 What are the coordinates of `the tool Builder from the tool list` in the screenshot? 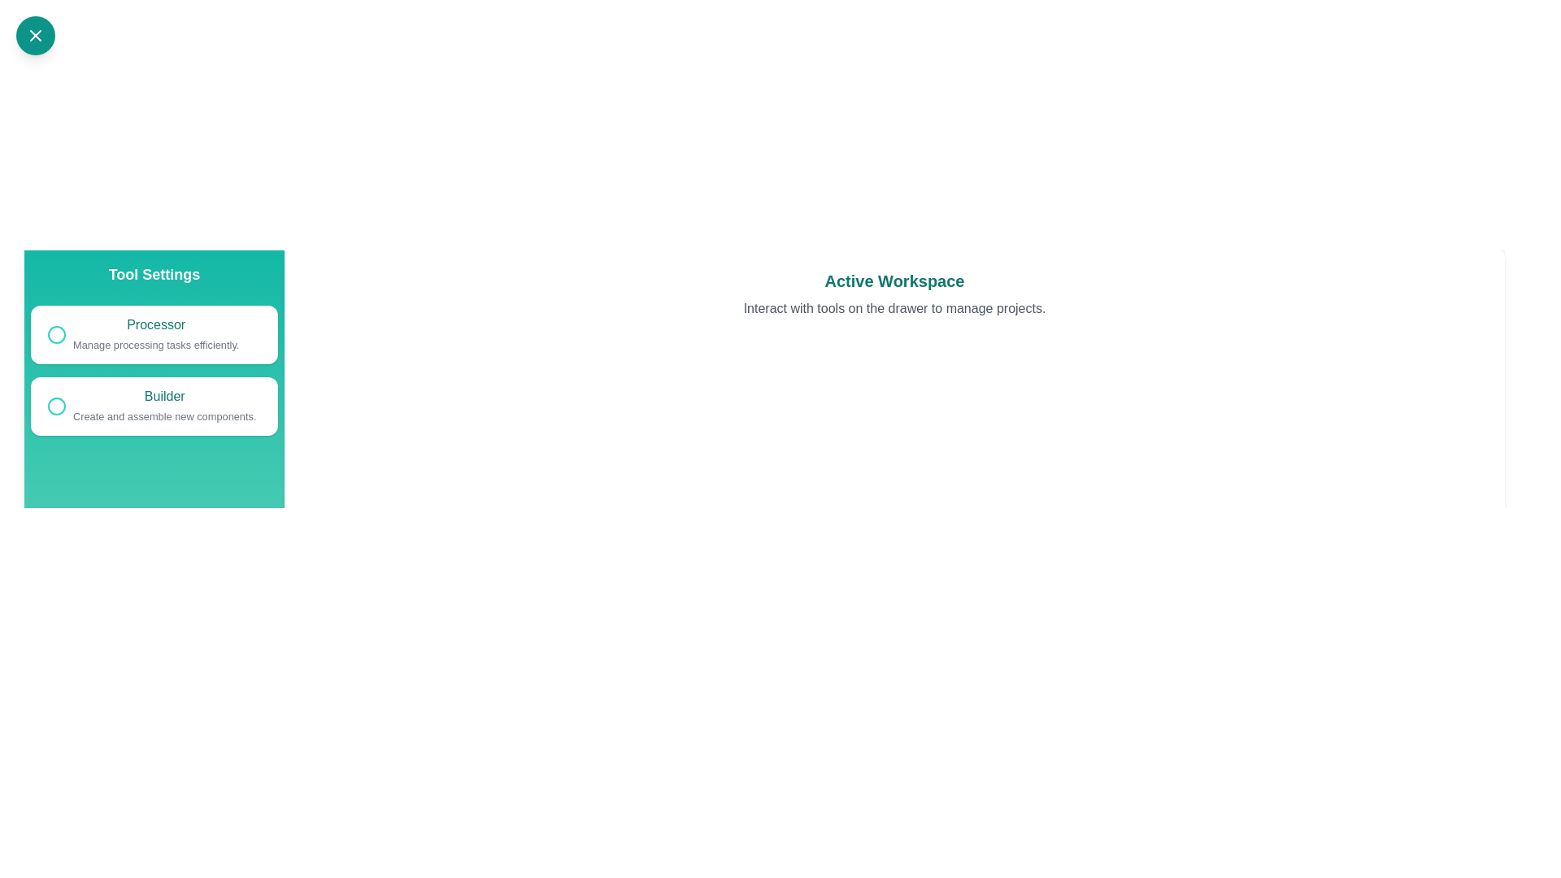 It's located at (154, 406).